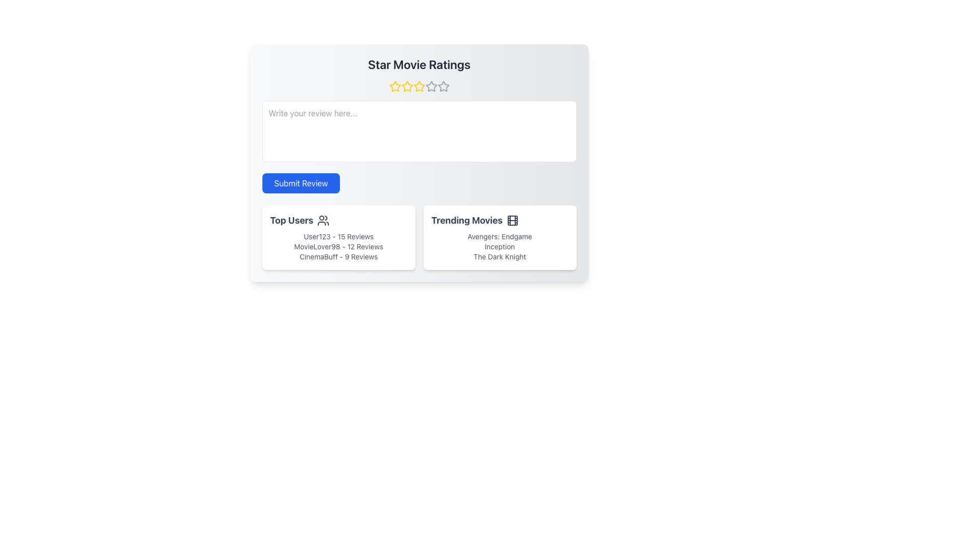 The height and width of the screenshot is (544, 967). Describe the element at coordinates (512, 220) in the screenshot. I see `the film icon located next to the 'Trending Movies' text in the lower right section of the interface` at that location.